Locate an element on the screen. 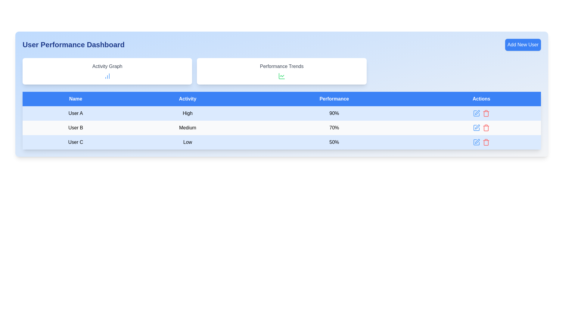  the delete button located in the 'Actions' column of the second row of the table to initiate a delete action is located at coordinates (486, 127).